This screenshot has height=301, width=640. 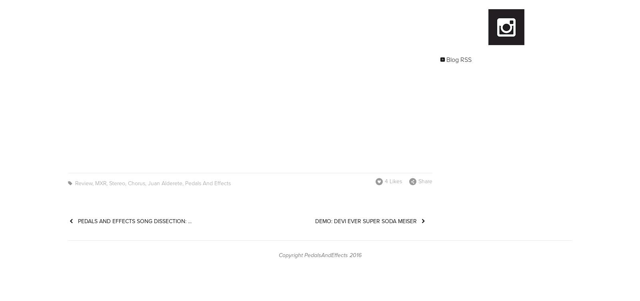 I want to click on 'Chorus', so click(x=136, y=183).